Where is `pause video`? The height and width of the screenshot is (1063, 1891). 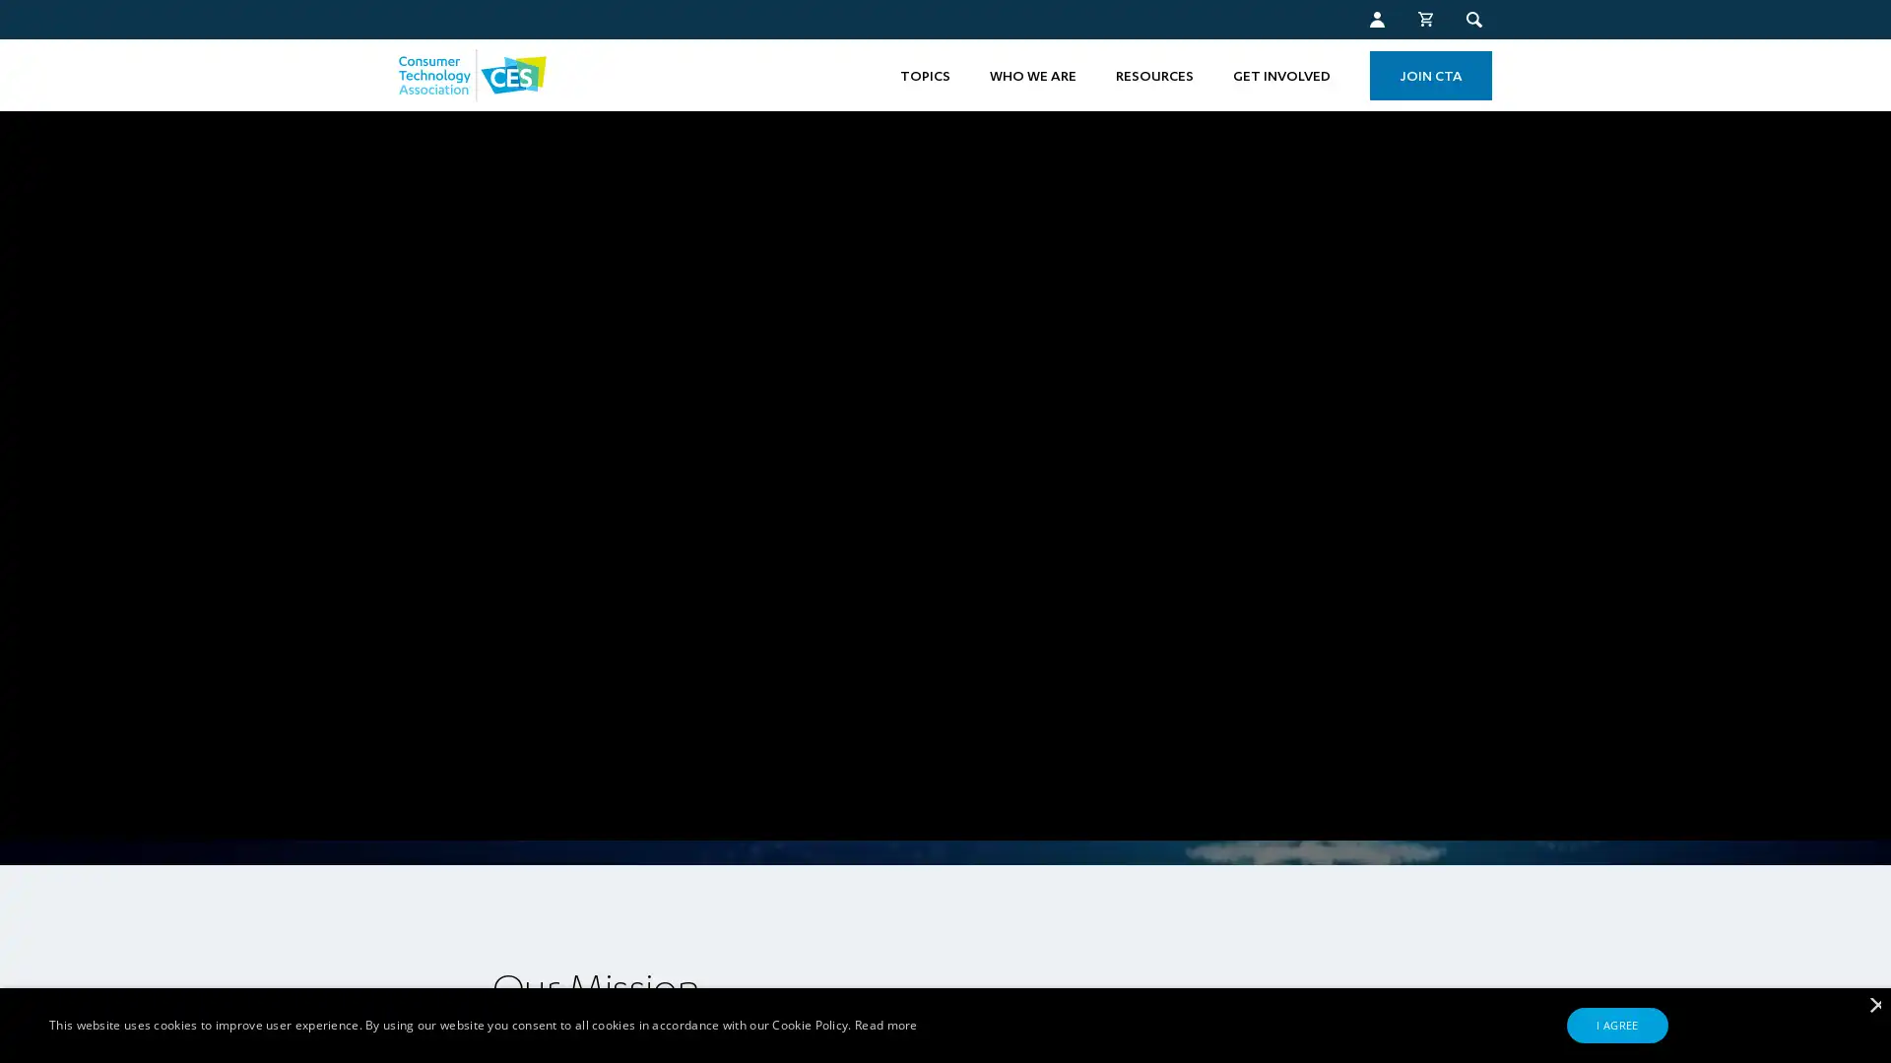
pause video is located at coordinates (416, 817).